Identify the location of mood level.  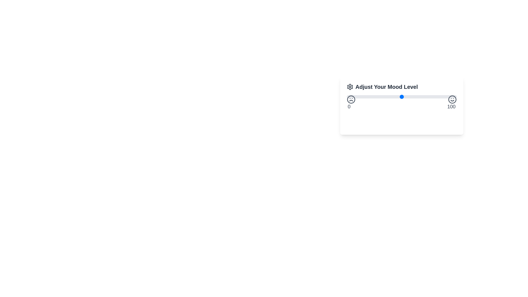
(372, 96).